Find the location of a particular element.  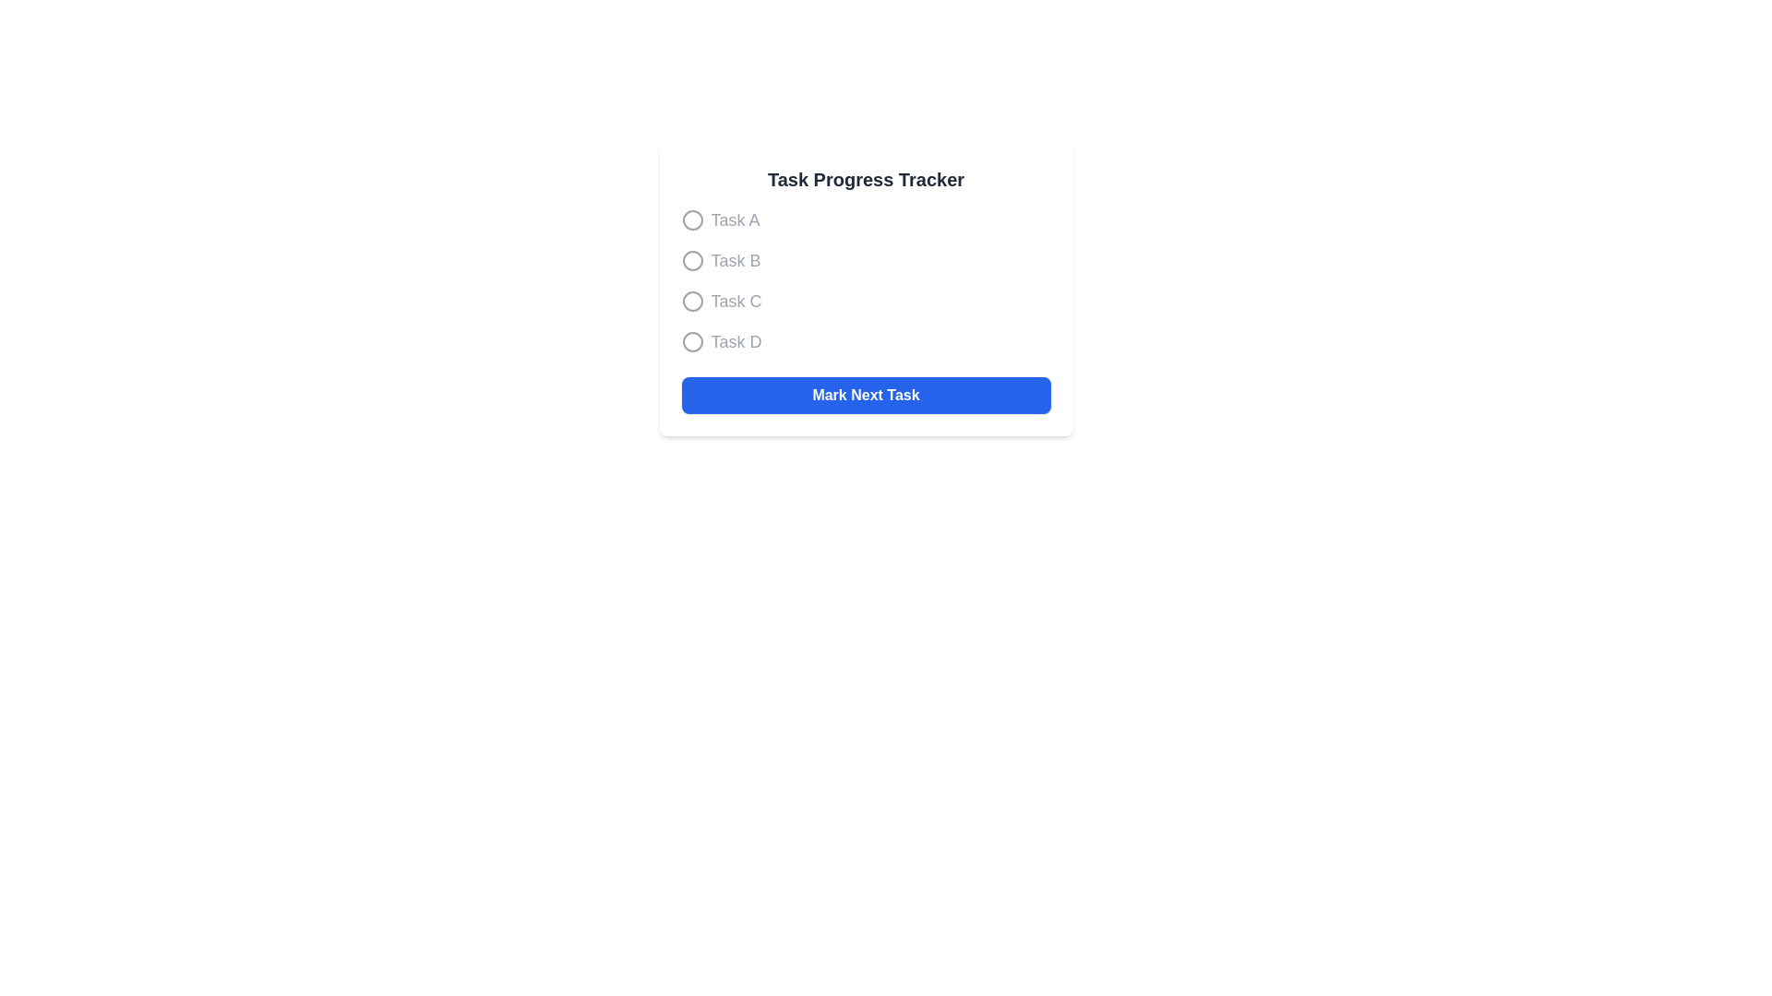

the group of labeled items or checklist elements located centrally below the 'Task Progress Tracker' title and above the 'Mark Next Task' button is located at coordinates (865, 280).